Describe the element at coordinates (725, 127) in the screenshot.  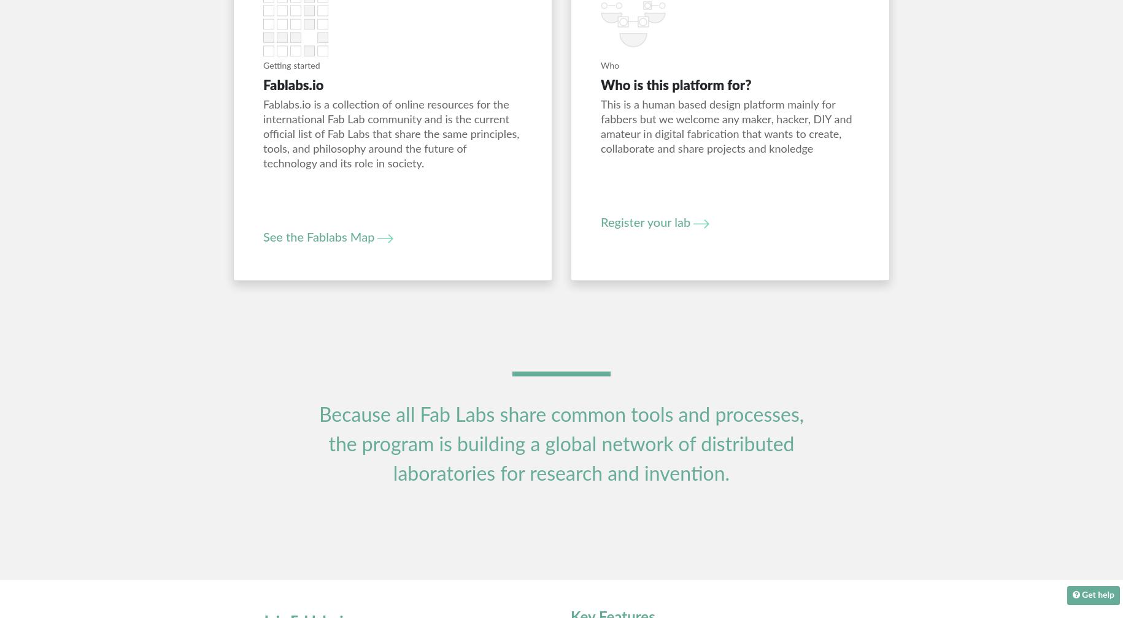
I see `'This is a human based design platform mainly for fabbers but we welcome any maker, hacker, DIY and amateur in digital fabrication that wants to create, collaborate and share projects and knoledge'` at that location.